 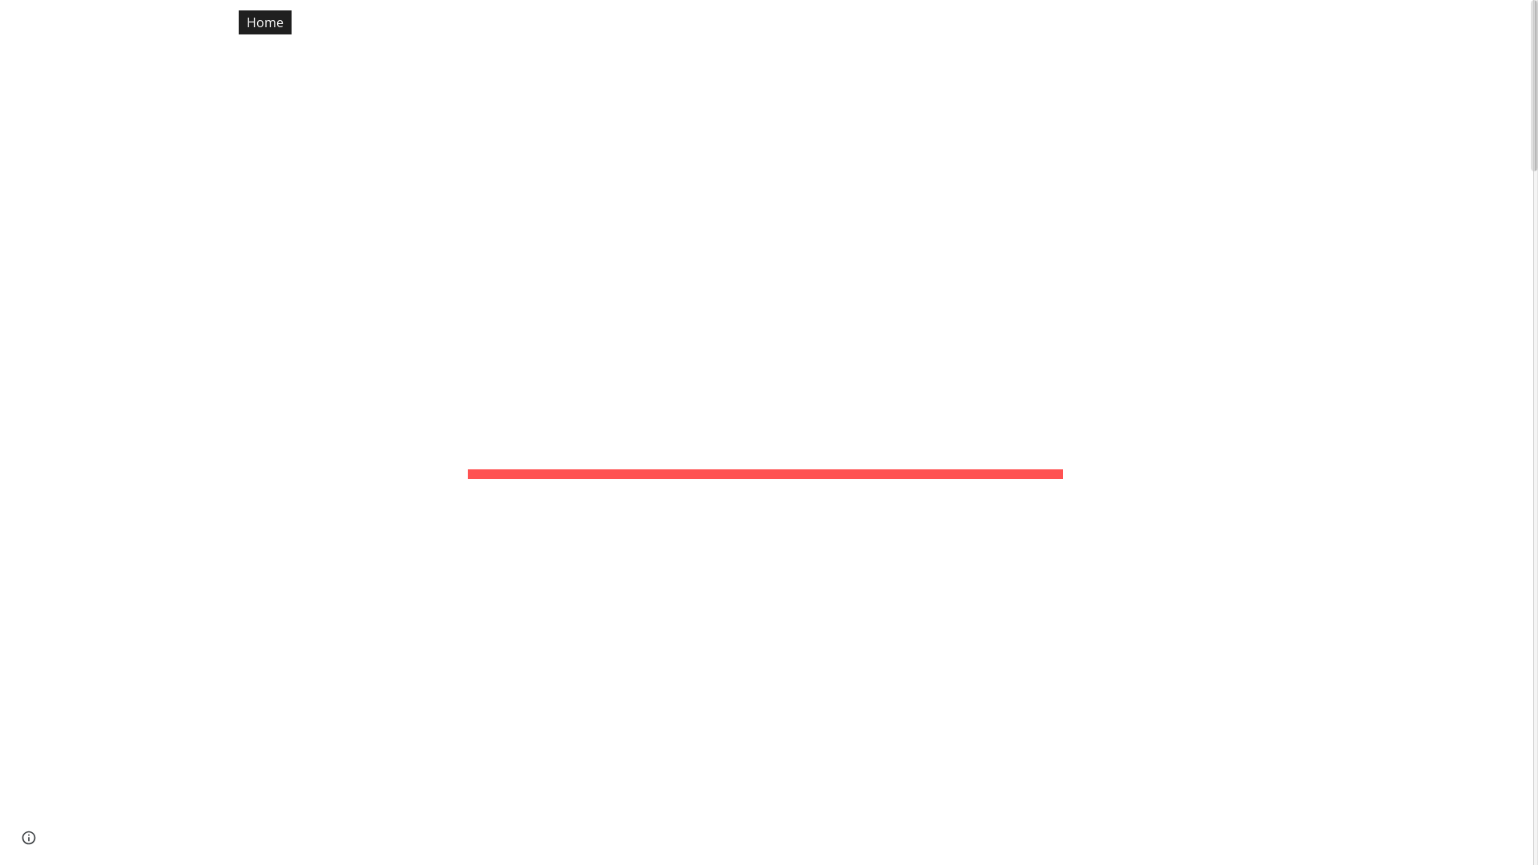 I want to click on 'Expand/Collapse', so click(x=1480, y=22).